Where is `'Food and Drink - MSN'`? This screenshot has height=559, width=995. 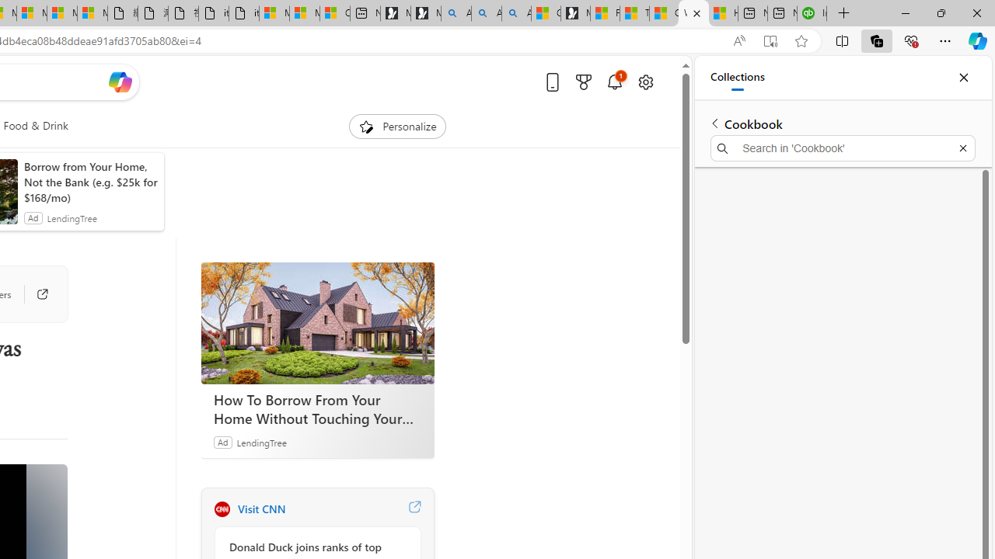 'Food and Drink - MSN' is located at coordinates (604, 13).